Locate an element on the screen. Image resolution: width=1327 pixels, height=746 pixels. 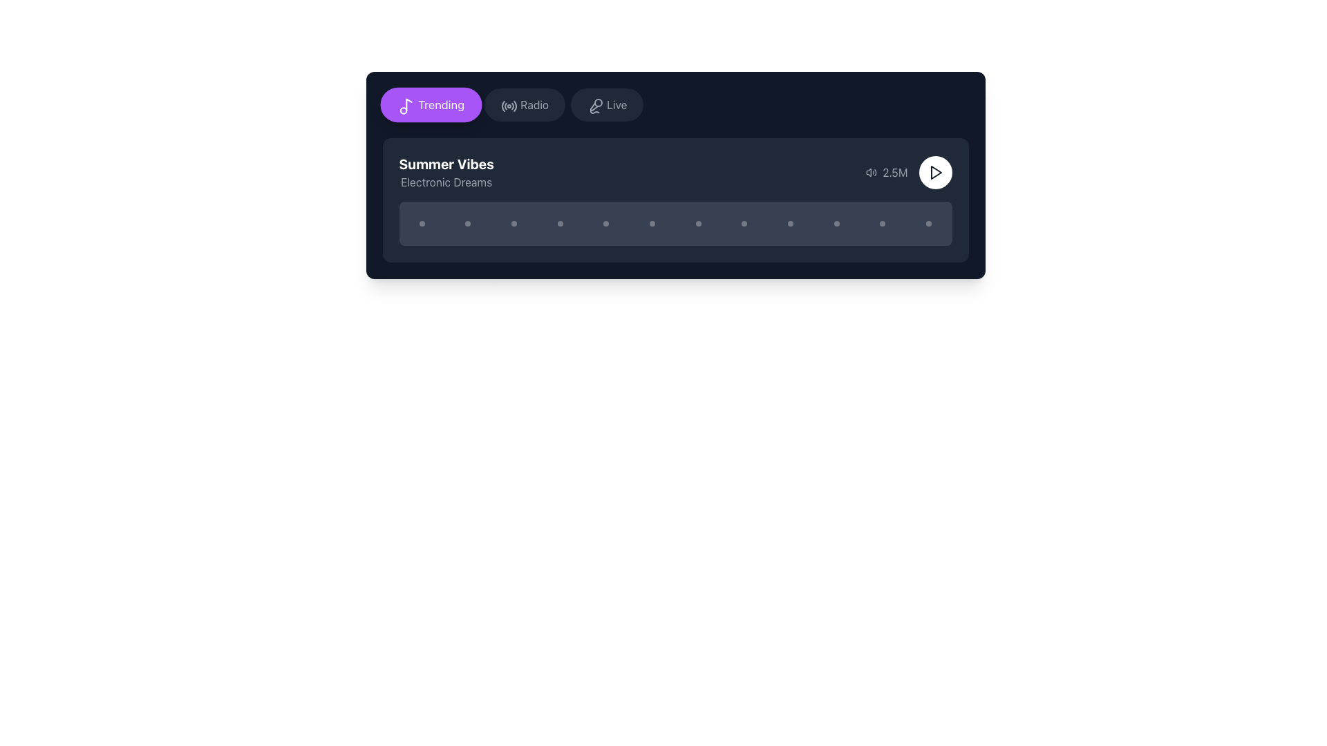
the microphone-shaped icon represented by a diagonal line with a curved bottom, located in the top-right section of the 'Live' button group in the navigation bar is located at coordinates (594, 106).